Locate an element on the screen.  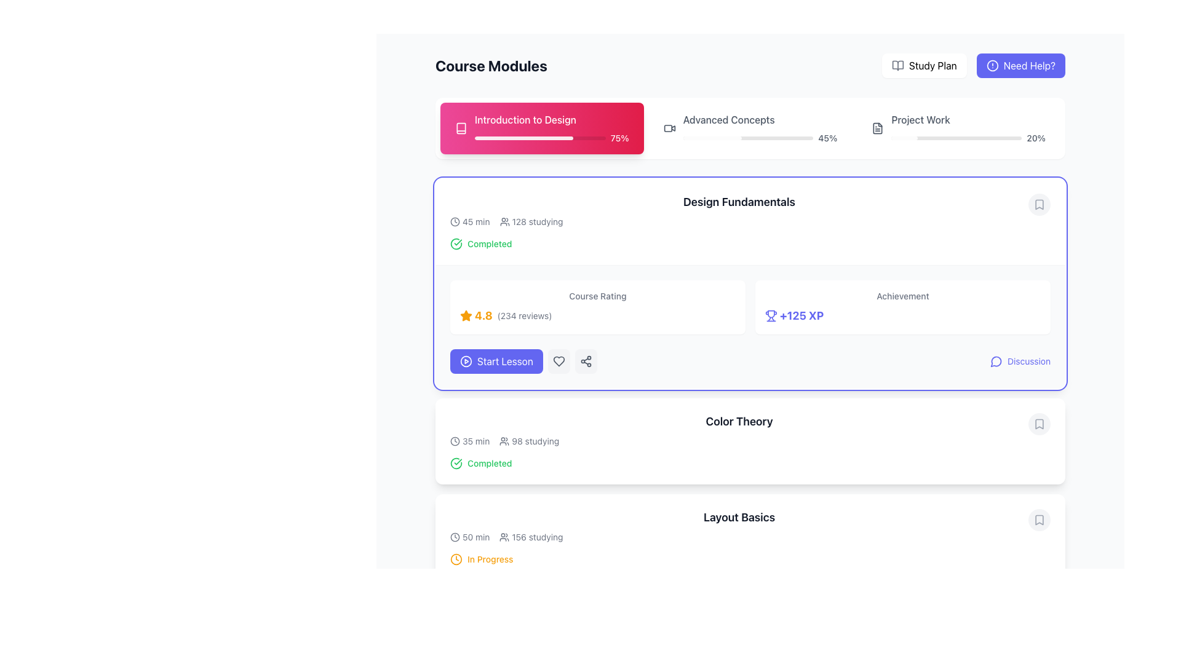
the achievement icon located immediately to the left of the '+125 XP' text in the 'Achievement' section of the 'Design Fundamentals' module is located at coordinates (770, 315).